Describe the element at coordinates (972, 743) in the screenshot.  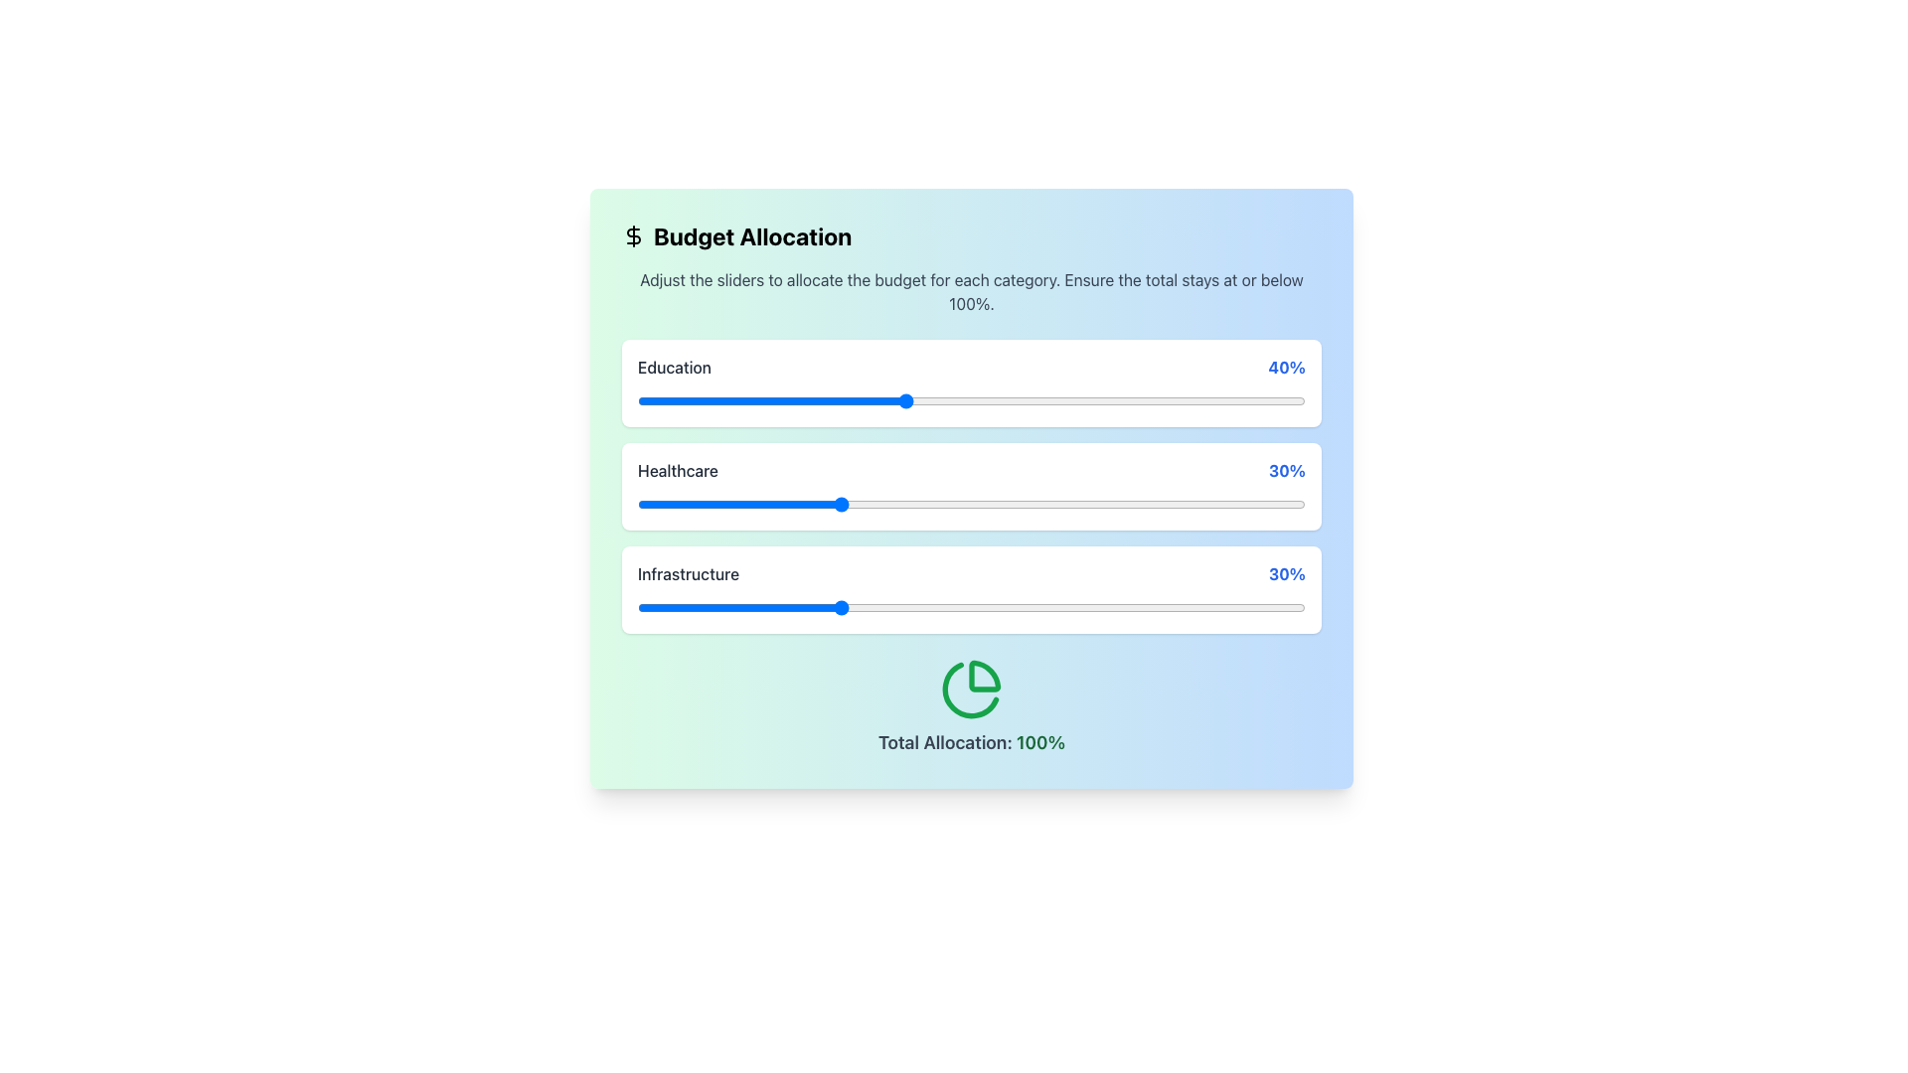
I see `the total allocation percentage text label located below the pie chart icon at the bottom of the interface` at that location.